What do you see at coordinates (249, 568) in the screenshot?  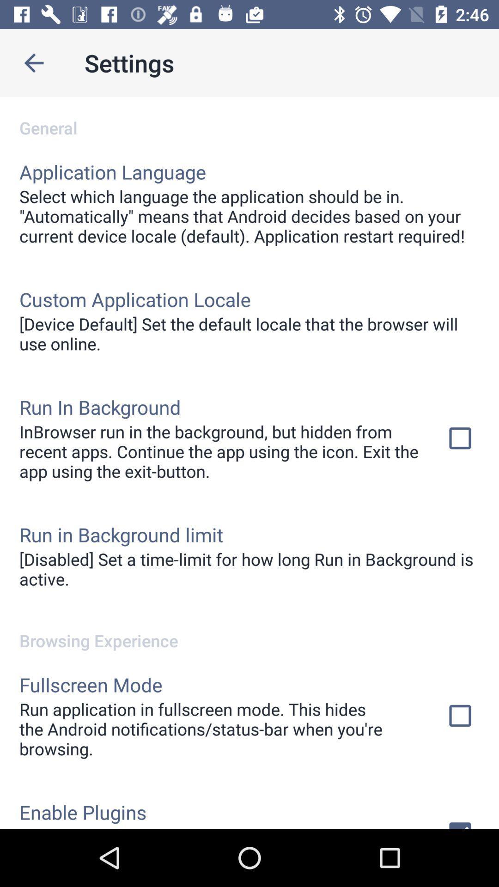 I see `disabled set a` at bounding box center [249, 568].